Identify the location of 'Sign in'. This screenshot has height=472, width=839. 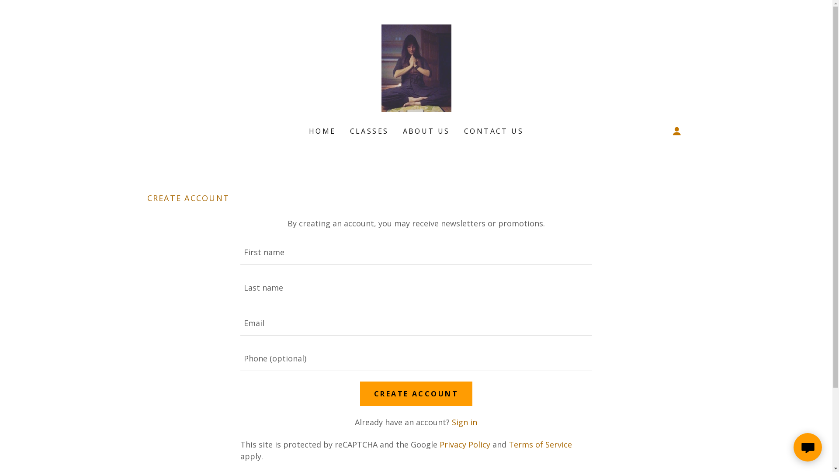
(464, 421).